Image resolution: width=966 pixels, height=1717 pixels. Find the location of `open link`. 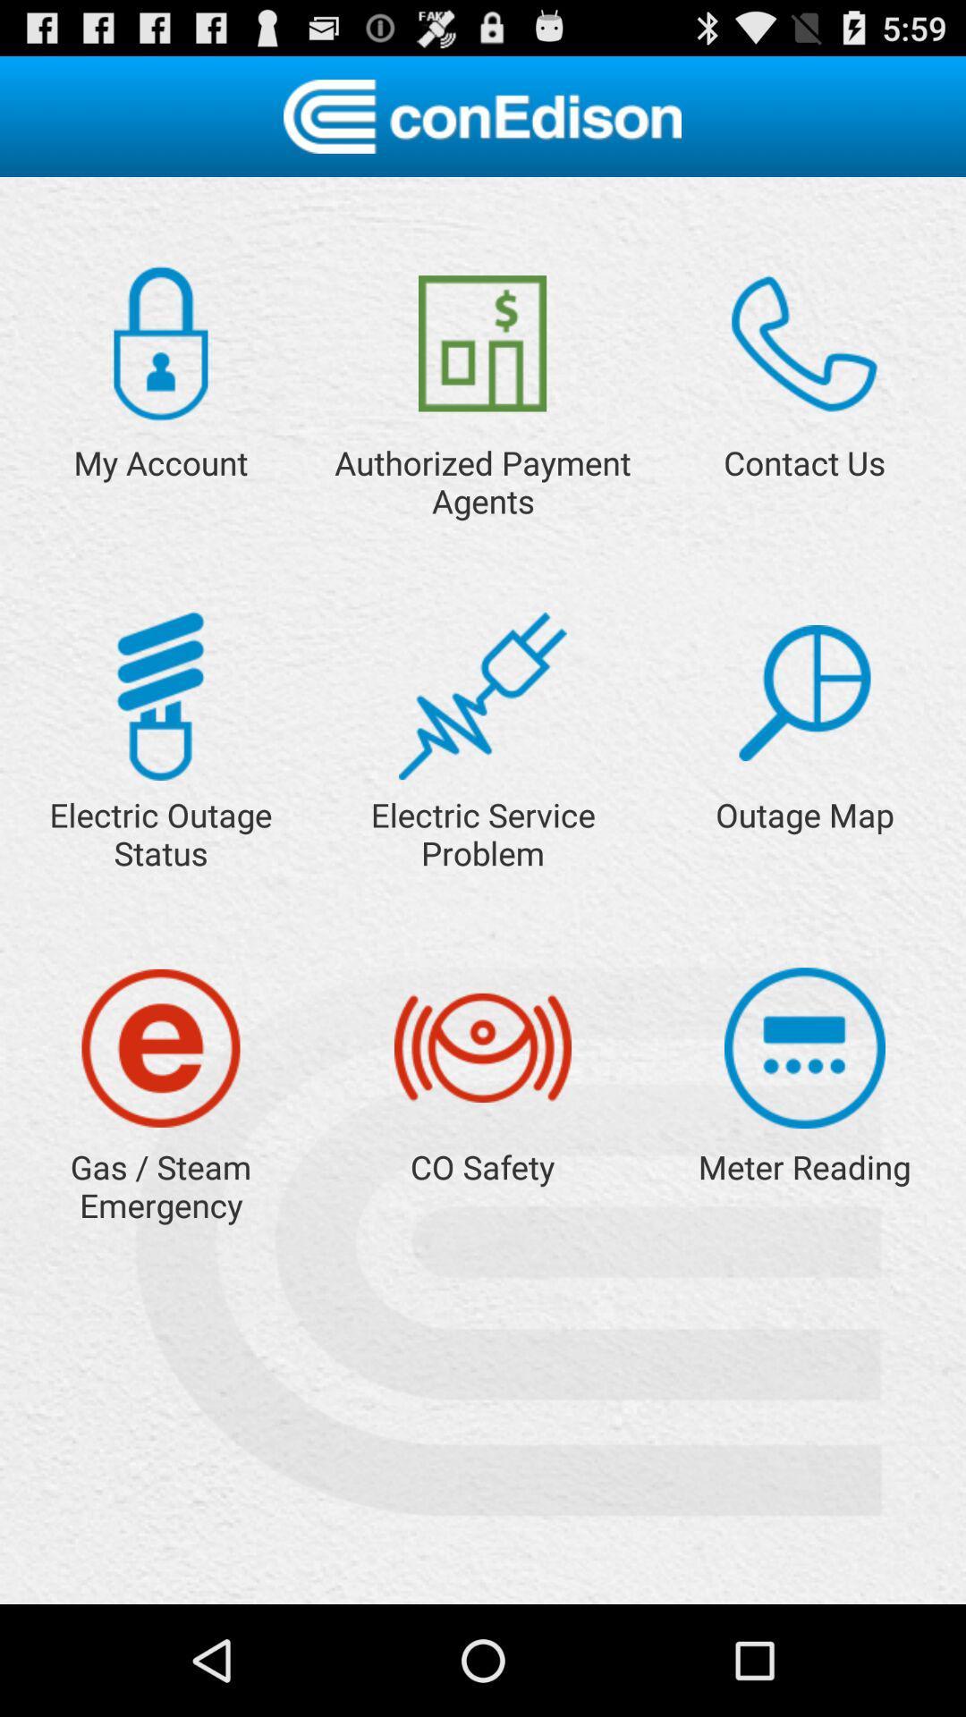

open link is located at coordinates (483, 695).